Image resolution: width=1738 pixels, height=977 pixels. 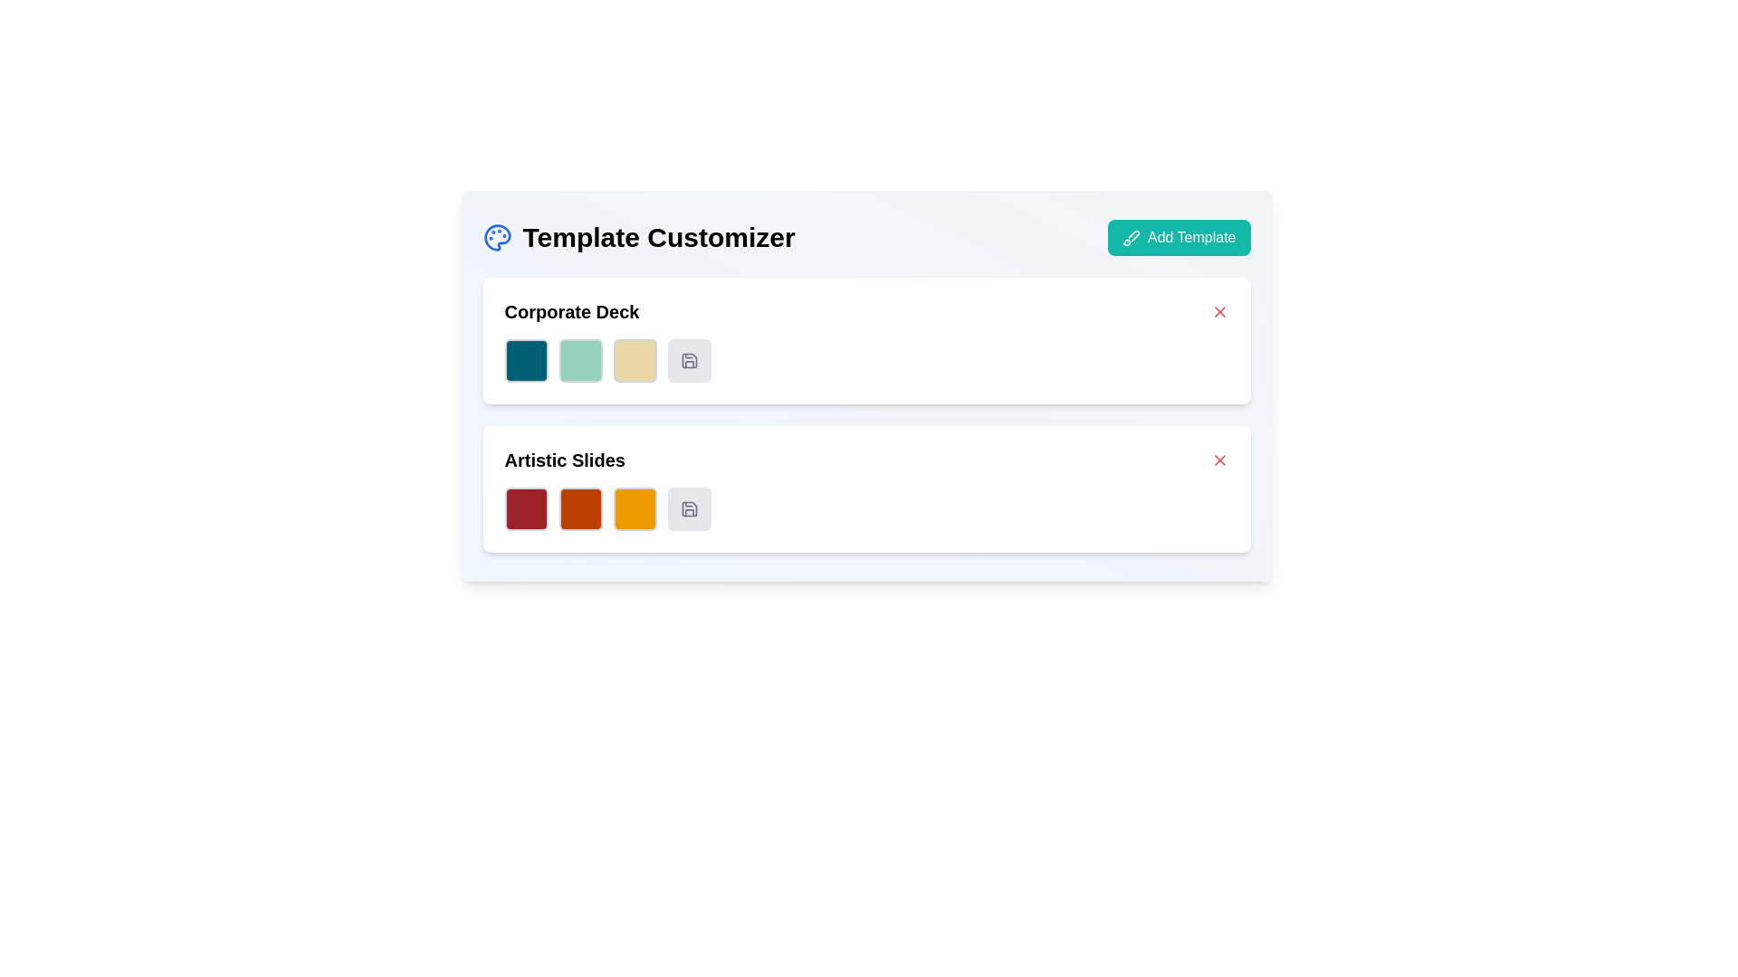 What do you see at coordinates (525, 509) in the screenshot?
I see `the deep red color block with rounded corners in the 'Artistic Slides' section` at bounding box center [525, 509].